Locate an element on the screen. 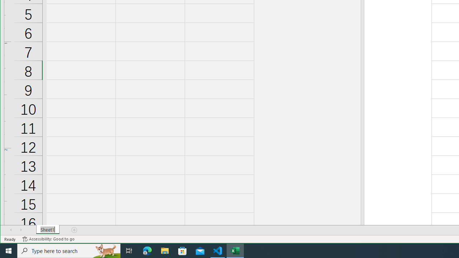 Image resolution: width=459 pixels, height=258 pixels. 'Microsoft Store' is located at coordinates (183, 250).